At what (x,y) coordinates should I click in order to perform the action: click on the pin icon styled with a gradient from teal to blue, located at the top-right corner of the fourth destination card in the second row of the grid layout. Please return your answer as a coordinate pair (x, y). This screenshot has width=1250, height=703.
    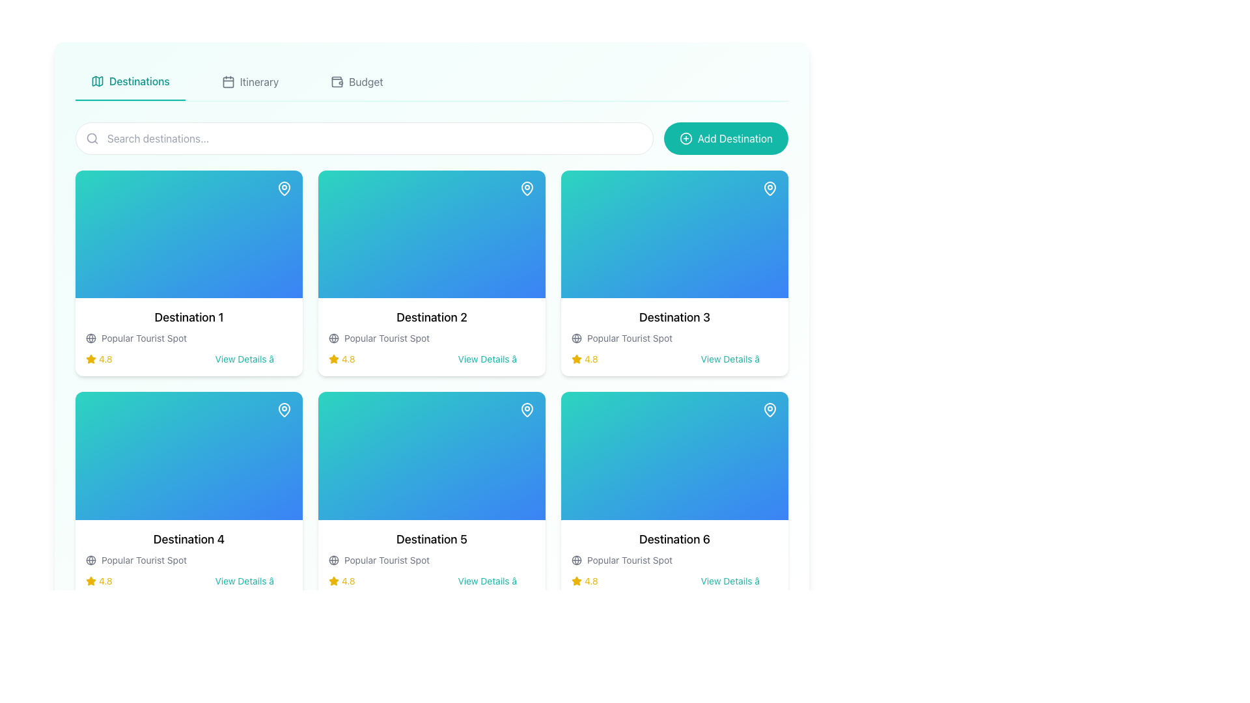
    Looking at the image, I should click on (283, 409).